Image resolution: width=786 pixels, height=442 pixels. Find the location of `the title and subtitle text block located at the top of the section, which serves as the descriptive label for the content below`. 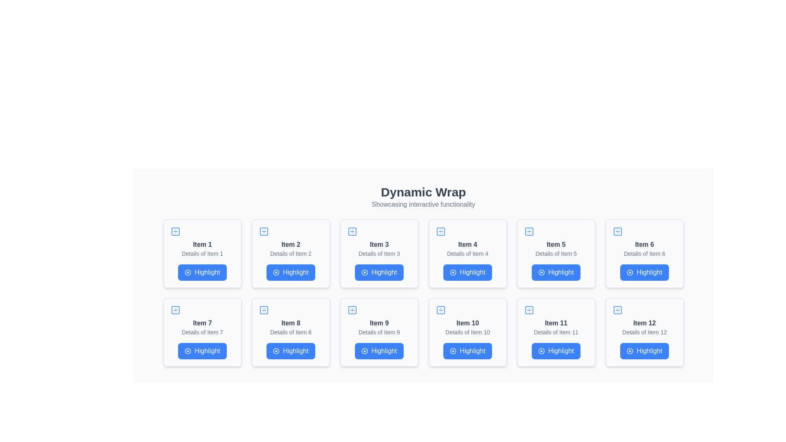

the title and subtitle text block located at the top of the section, which serves as the descriptive label for the content below is located at coordinates (423, 197).